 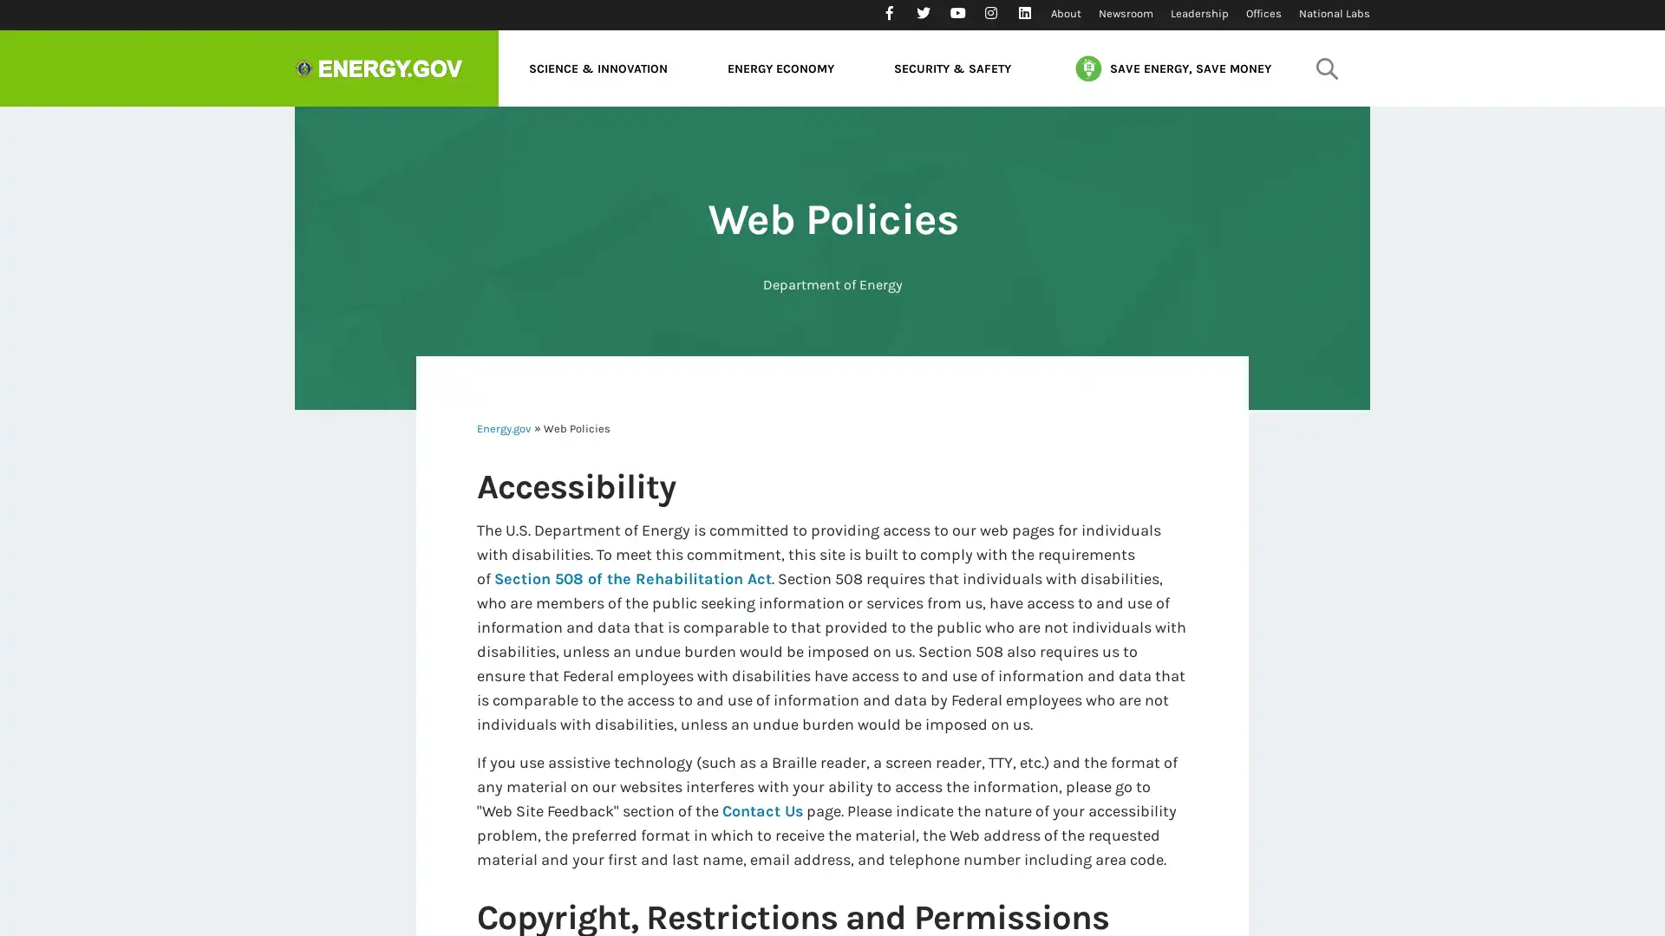 I want to click on SEARCH, so click(x=1322, y=117).